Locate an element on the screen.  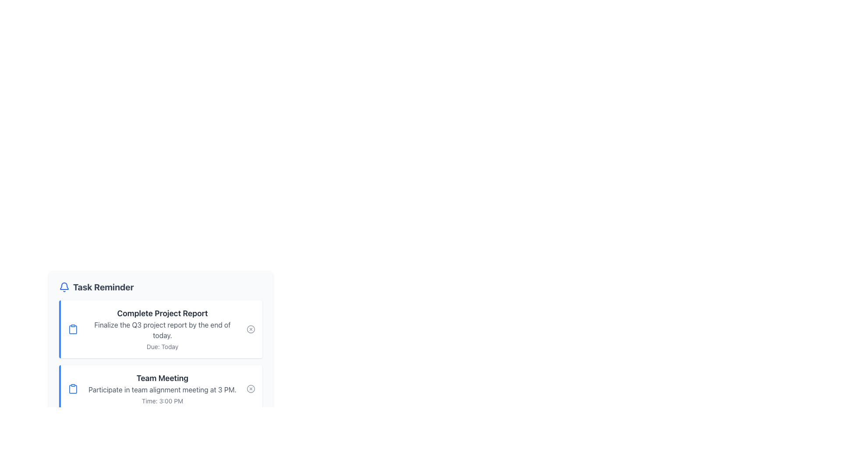
the task indicator icon associated with 'Complete Project Report' by clicking on it in the task reminder section is located at coordinates (73, 329).